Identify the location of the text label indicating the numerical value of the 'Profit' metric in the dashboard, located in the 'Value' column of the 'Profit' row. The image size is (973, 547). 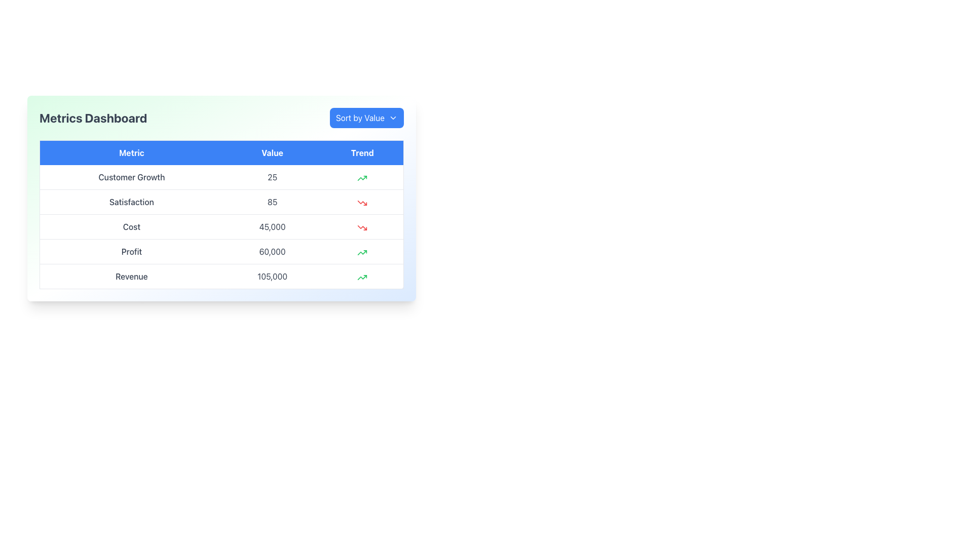
(272, 251).